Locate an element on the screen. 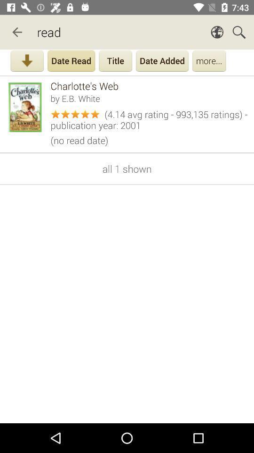  date read is located at coordinates (71, 61).